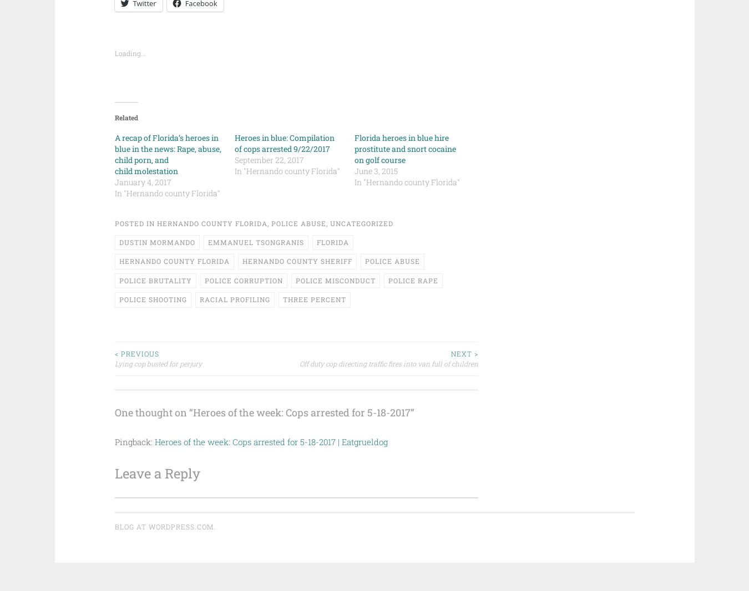 This screenshot has width=749, height=591. What do you see at coordinates (129, 52) in the screenshot?
I see `'Loading...'` at bounding box center [129, 52].